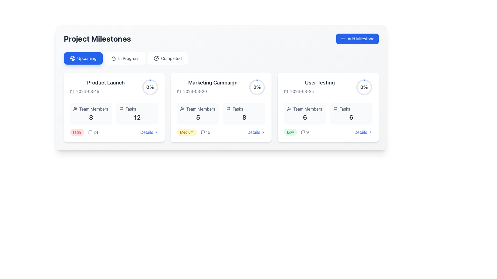  I want to click on the circular progress indicator in the top-right corner of the 'Product Launch' card, so click(150, 87).